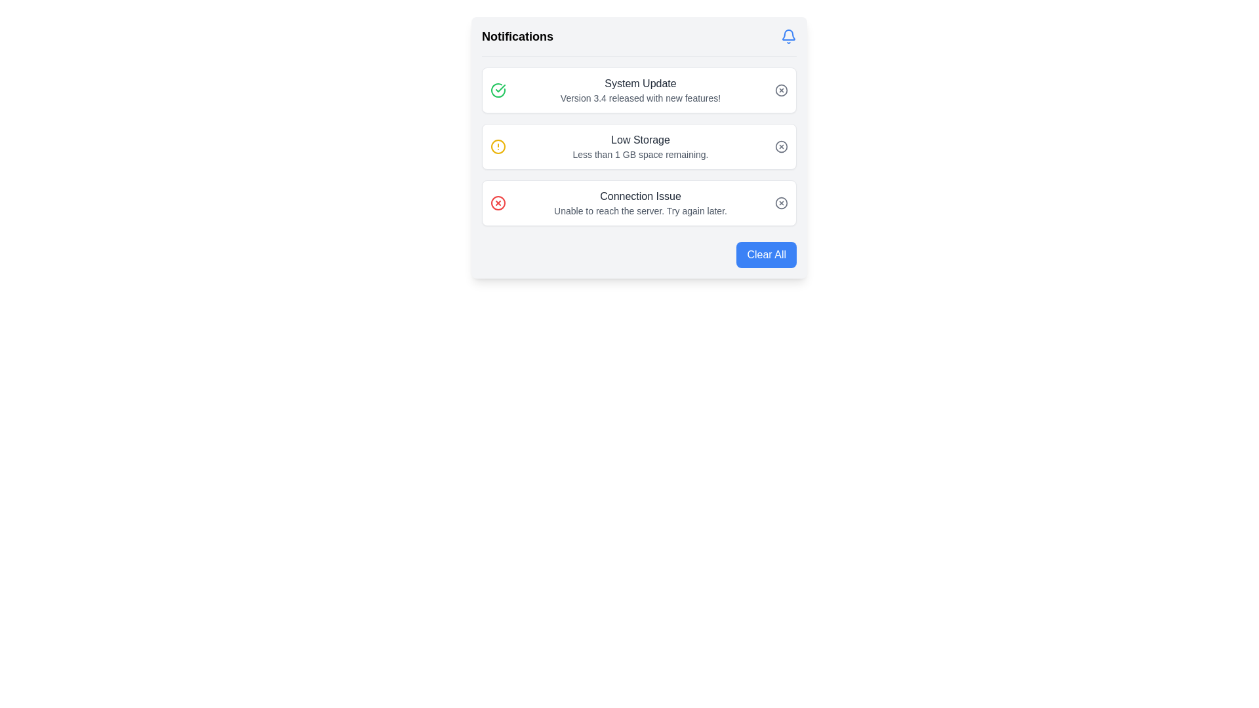 The height and width of the screenshot is (708, 1259). Describe the element at coordinates (641, 83) in the screenshot. I see `text content of the 'System Update' label, which is displayed in a medium-sized, bold font at the top of the notification listing` at that location.